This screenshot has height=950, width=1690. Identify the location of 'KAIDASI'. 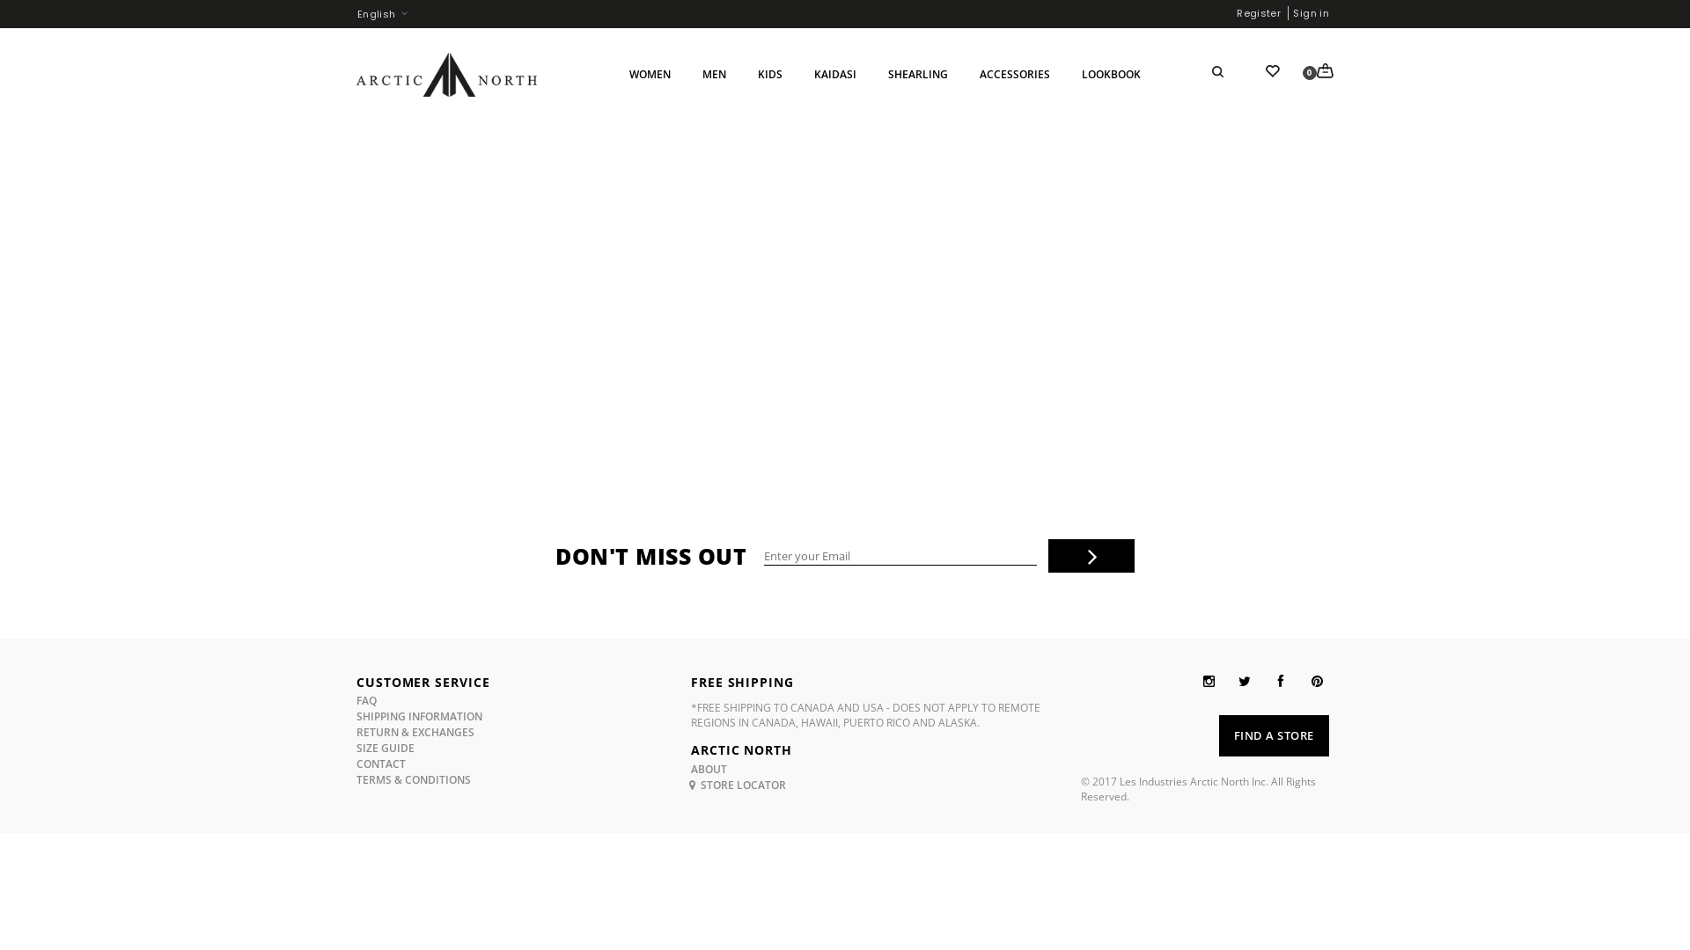
(834, 73).